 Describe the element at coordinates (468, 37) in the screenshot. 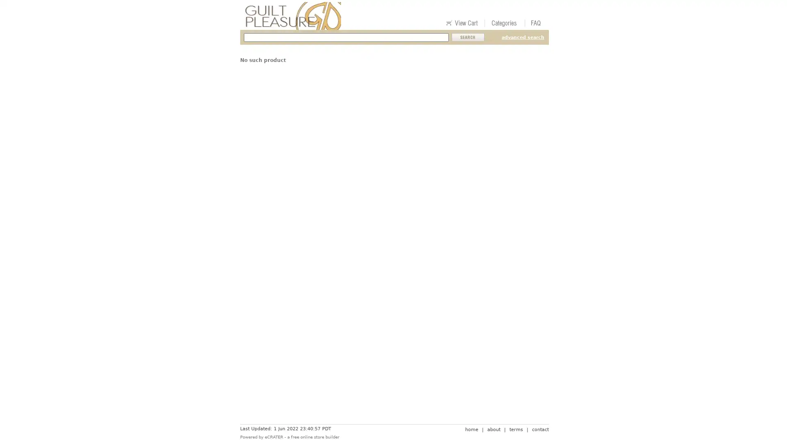

I see `Submit` at that location.